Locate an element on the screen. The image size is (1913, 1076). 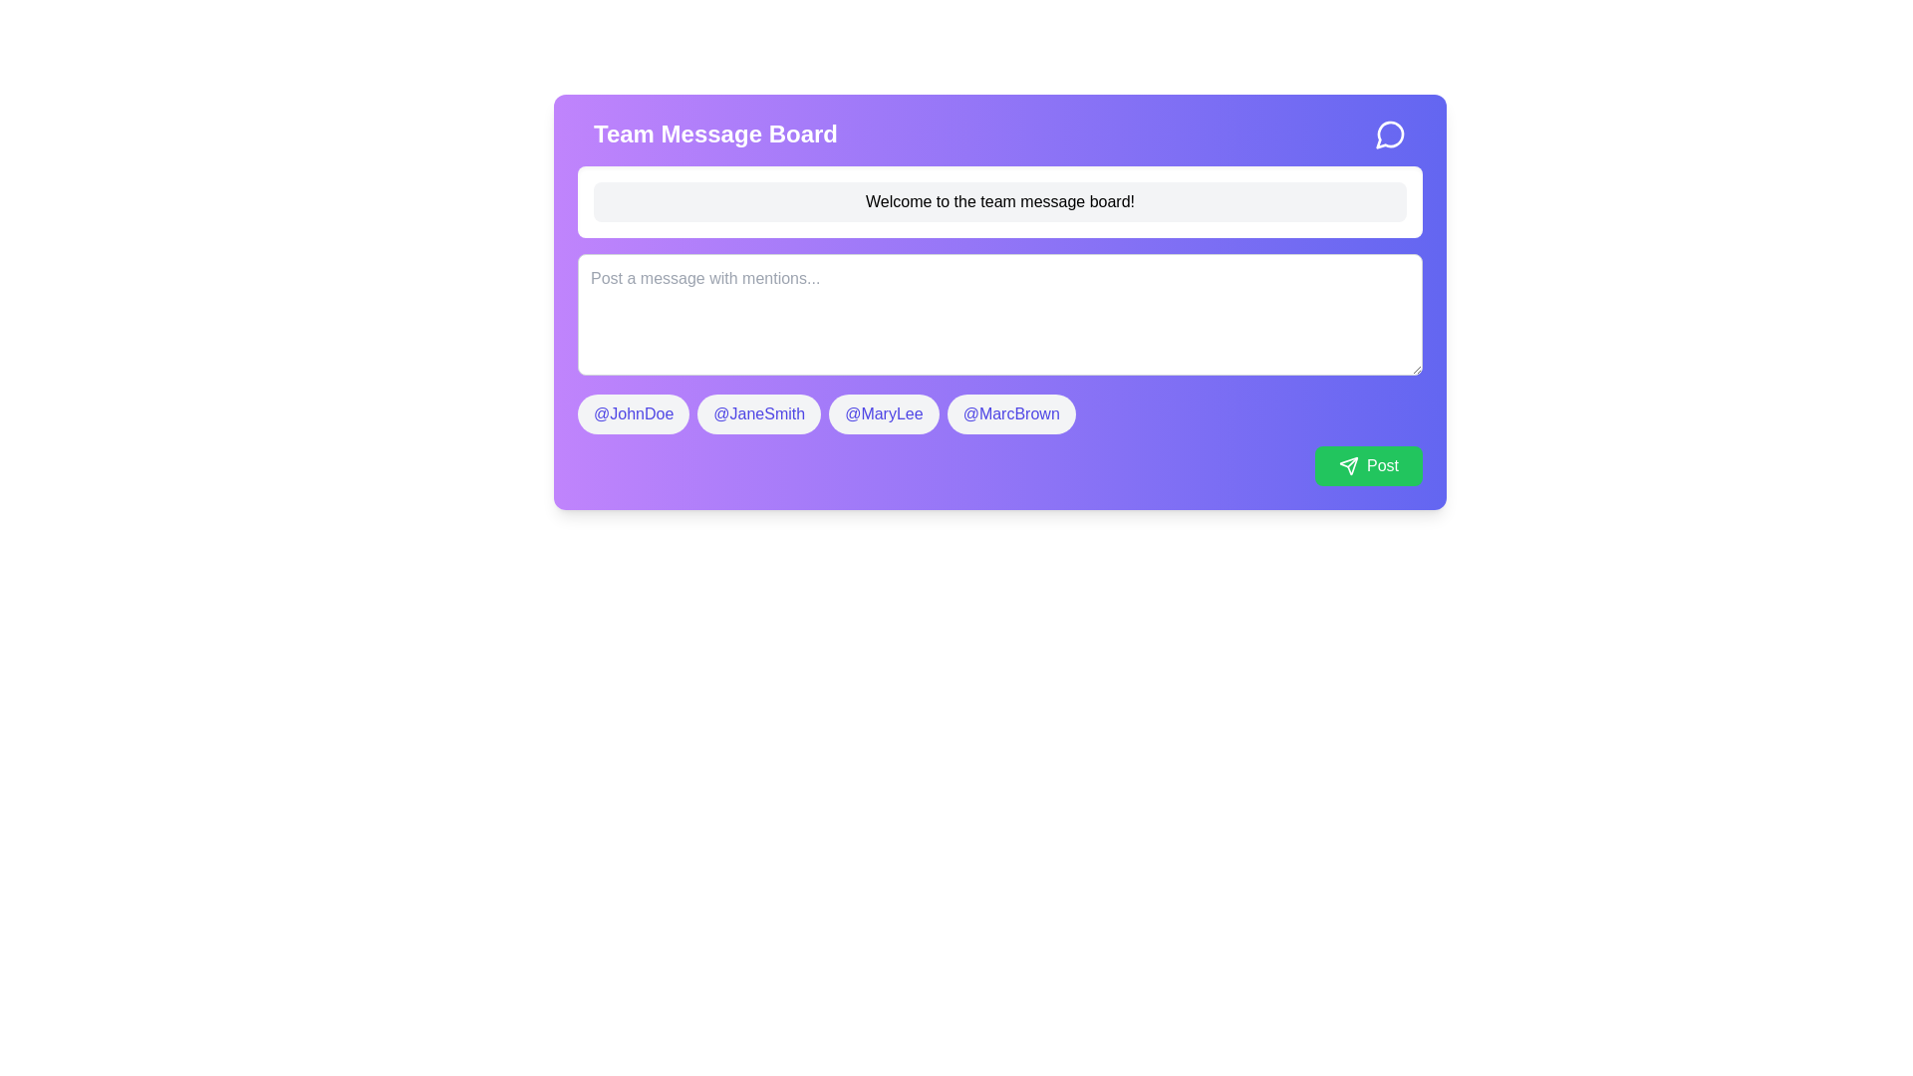
the 'Submit' button located at the bottom-right corner of the 'Team Message Board' panel is located at coordinates (1367, 465).